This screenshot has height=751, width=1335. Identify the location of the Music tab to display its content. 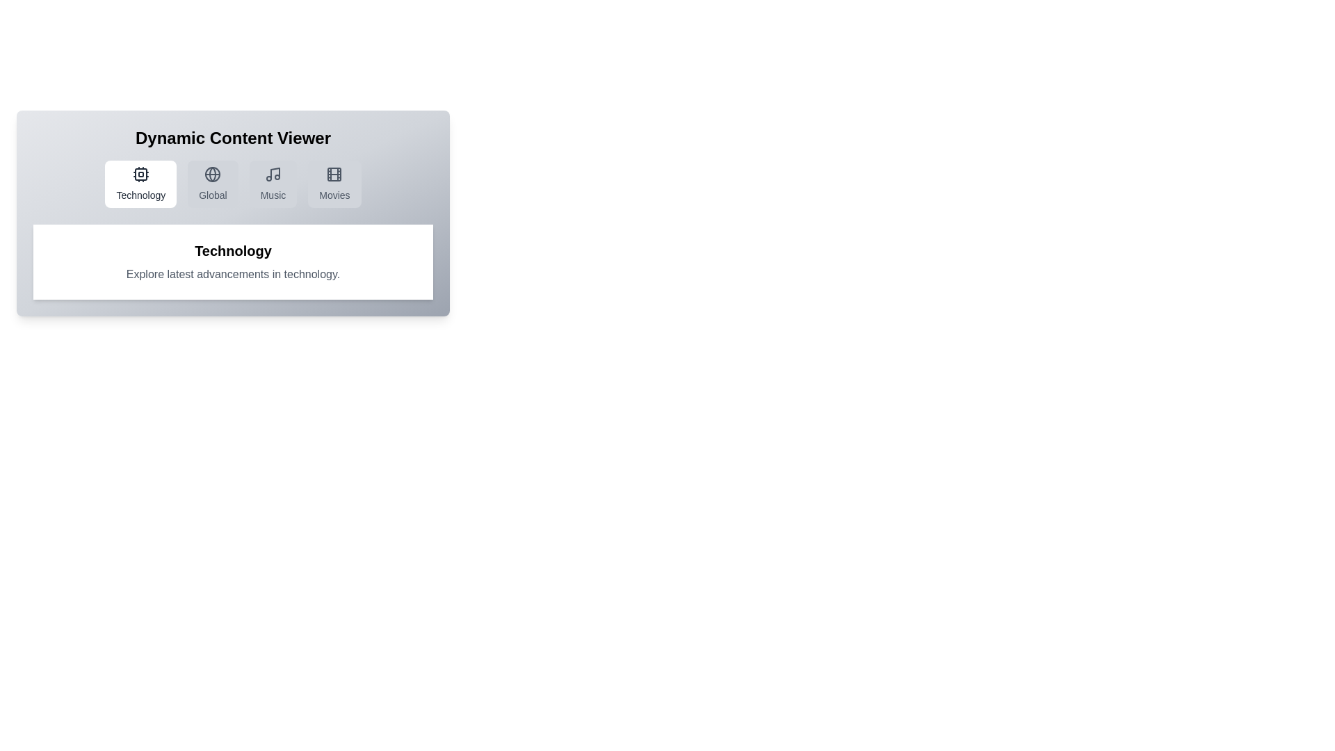
(273, 184).